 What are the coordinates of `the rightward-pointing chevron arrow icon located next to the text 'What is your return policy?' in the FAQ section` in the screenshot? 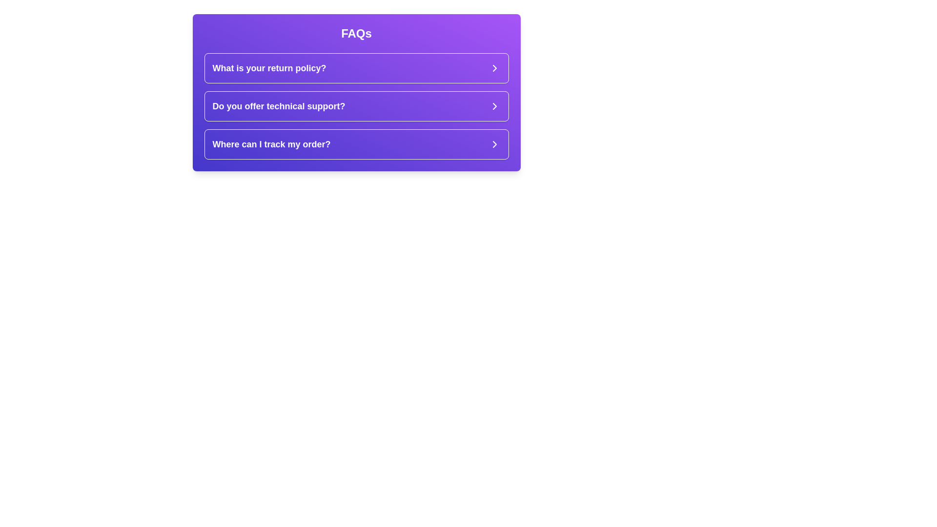 It's located at (494, 67).